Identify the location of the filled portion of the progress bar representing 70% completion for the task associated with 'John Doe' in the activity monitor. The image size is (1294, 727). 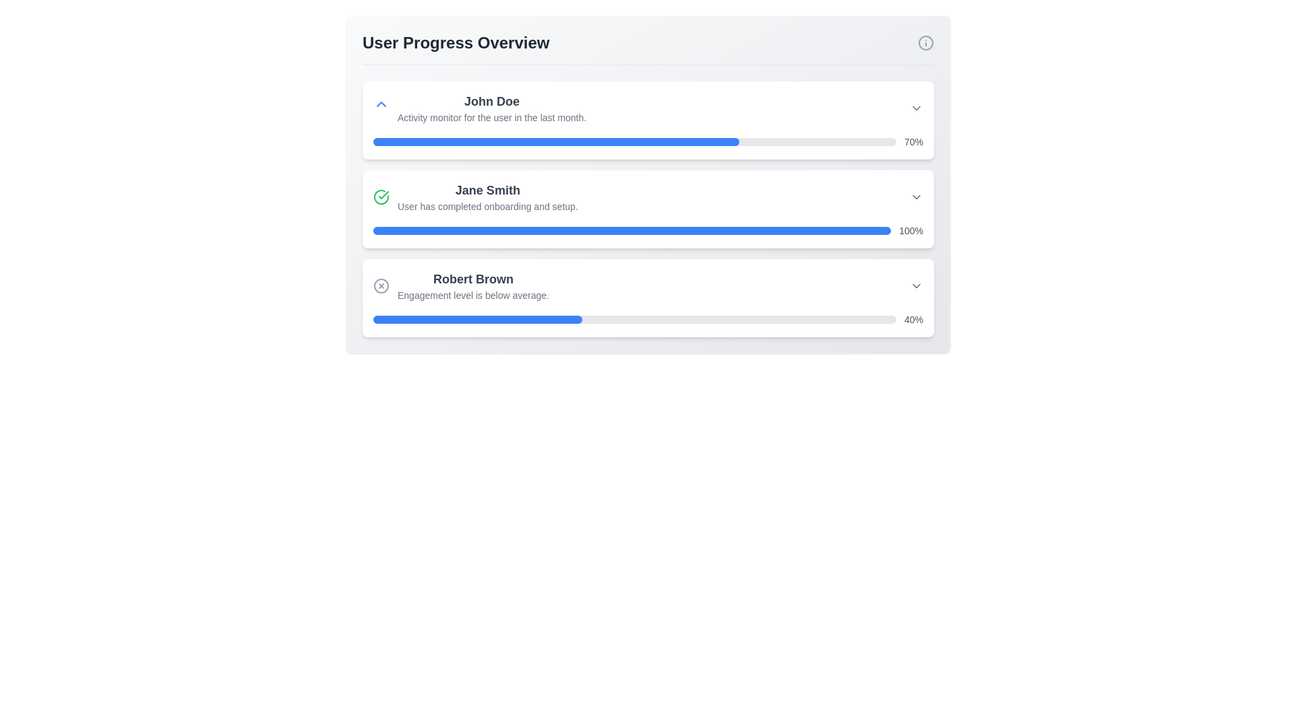
(556, 142).